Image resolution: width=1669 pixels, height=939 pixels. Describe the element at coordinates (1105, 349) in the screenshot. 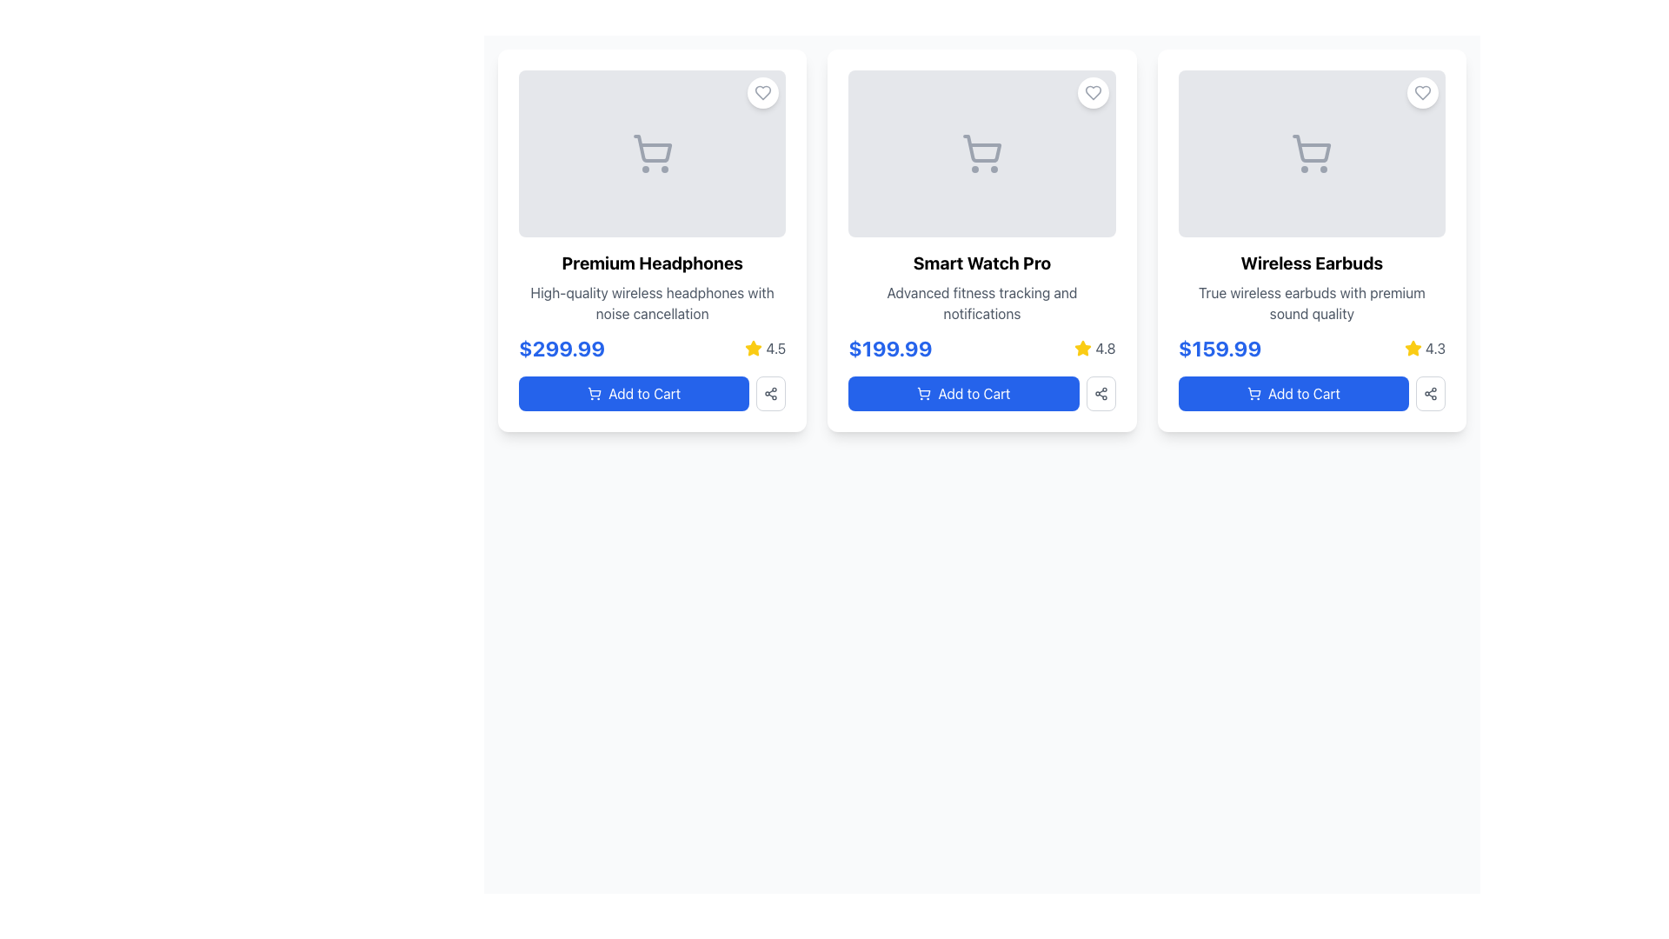

I see `the text label displaying the value '4.8' near the yellow star icon in the second card under 'Smart Watch Pro'` at that location.